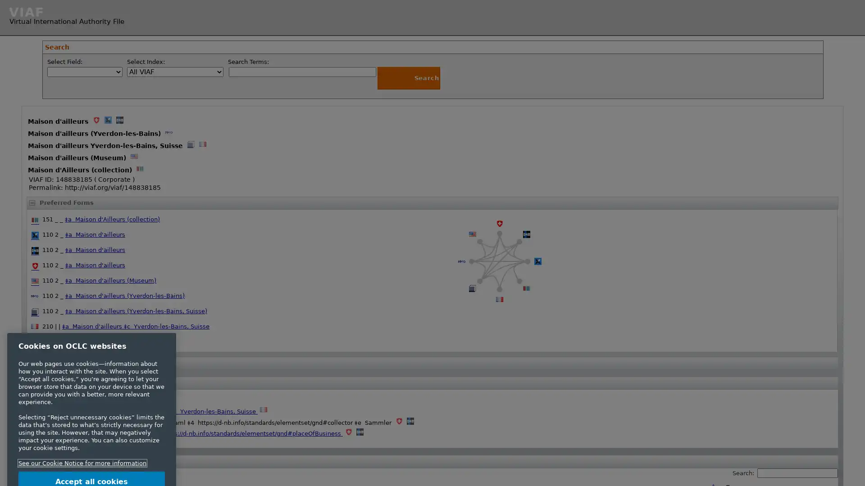 The image size is (865, 486). What do you see at coordinates (91, 427) in the screenshot?
I see `Reject unnecessary cookies` at bounding box center [91, 427].